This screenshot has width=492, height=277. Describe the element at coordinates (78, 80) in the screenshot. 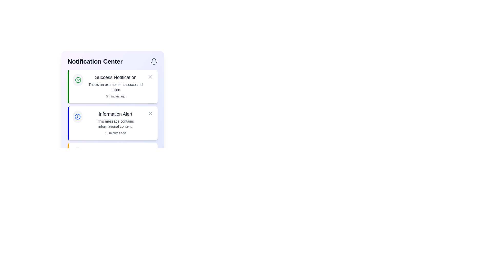

I see `the visual styling of the checkmark icon with a green outline in the top-left corner of the 'Success Notification' message card within the 'Notification Center'` at that location.